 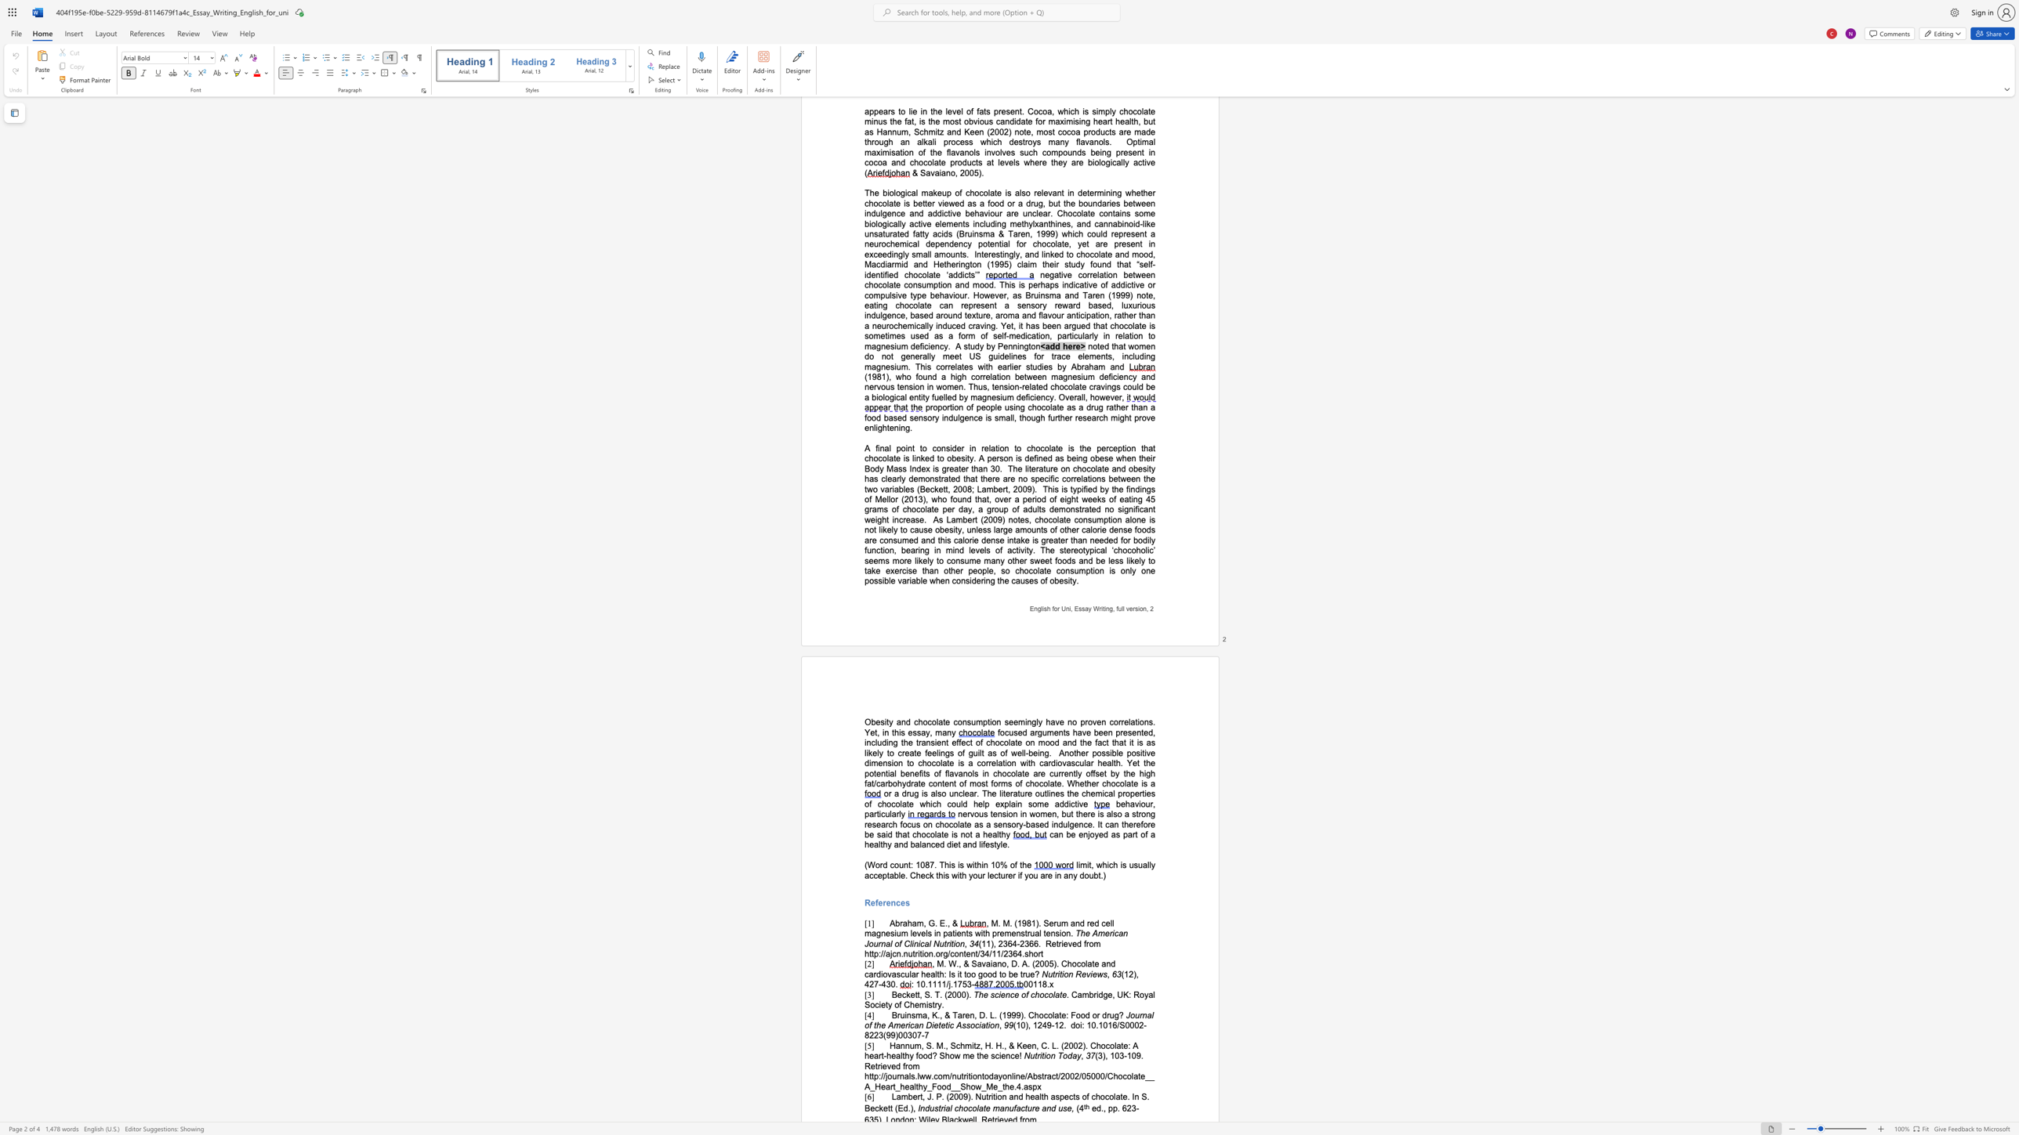 I want to click on the subset text "man" within the text "no proven correlations. Yet, in this essay, many", so click(x=934, y=732).